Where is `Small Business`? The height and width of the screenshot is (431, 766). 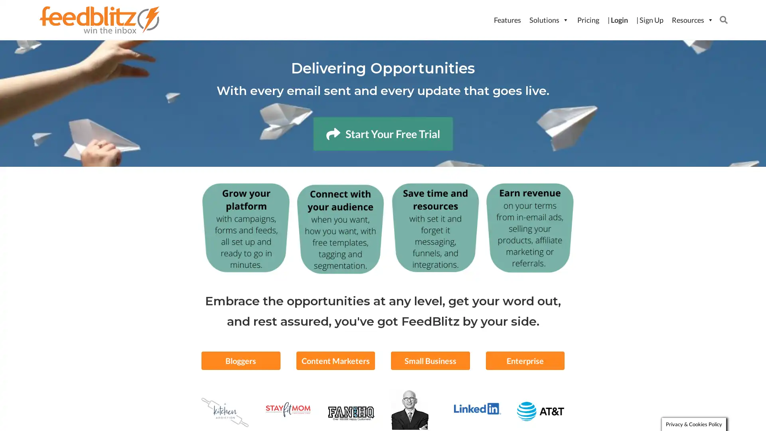
Small Business is located at coordinates (430, 360).